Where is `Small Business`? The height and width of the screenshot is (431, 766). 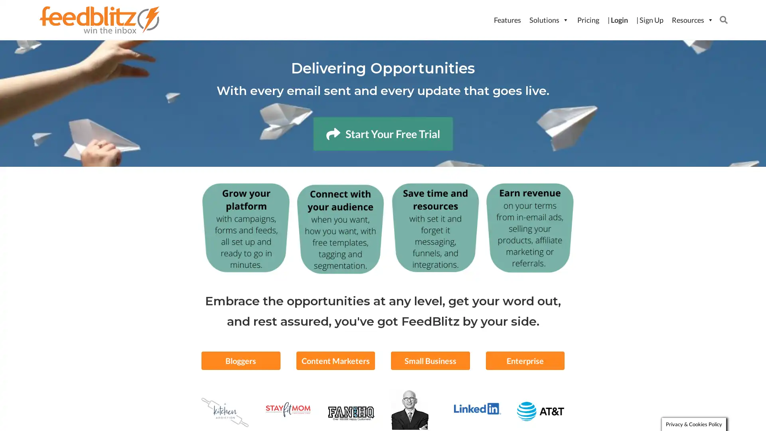
Small Business is located at coordinates (430, 360).